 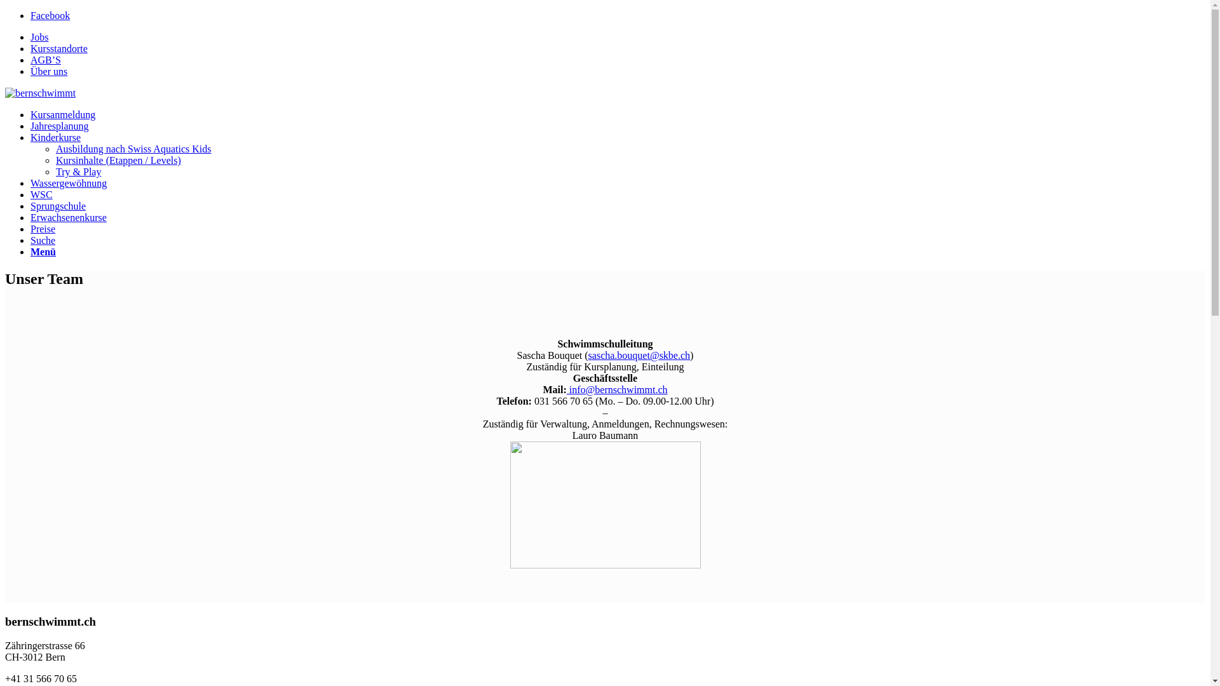 What do you see at coordinates (118, 159) in the screenshot?
I see `'Kursinhalte (Etappen / Levels)'` at bounding box center [118, 159].